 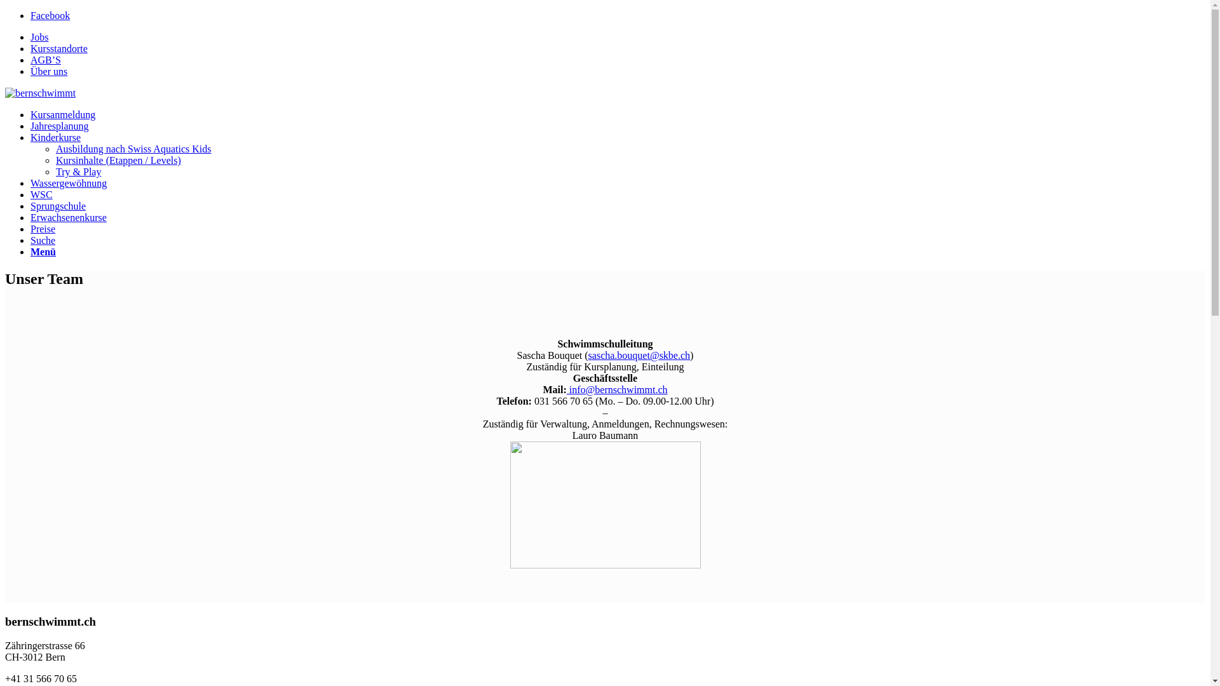 What do you see at coordinates (118, 159) in the screenshot?
I see `'Kursinhalte (Etappen / Levels)'` at bounding box center [118, 159].